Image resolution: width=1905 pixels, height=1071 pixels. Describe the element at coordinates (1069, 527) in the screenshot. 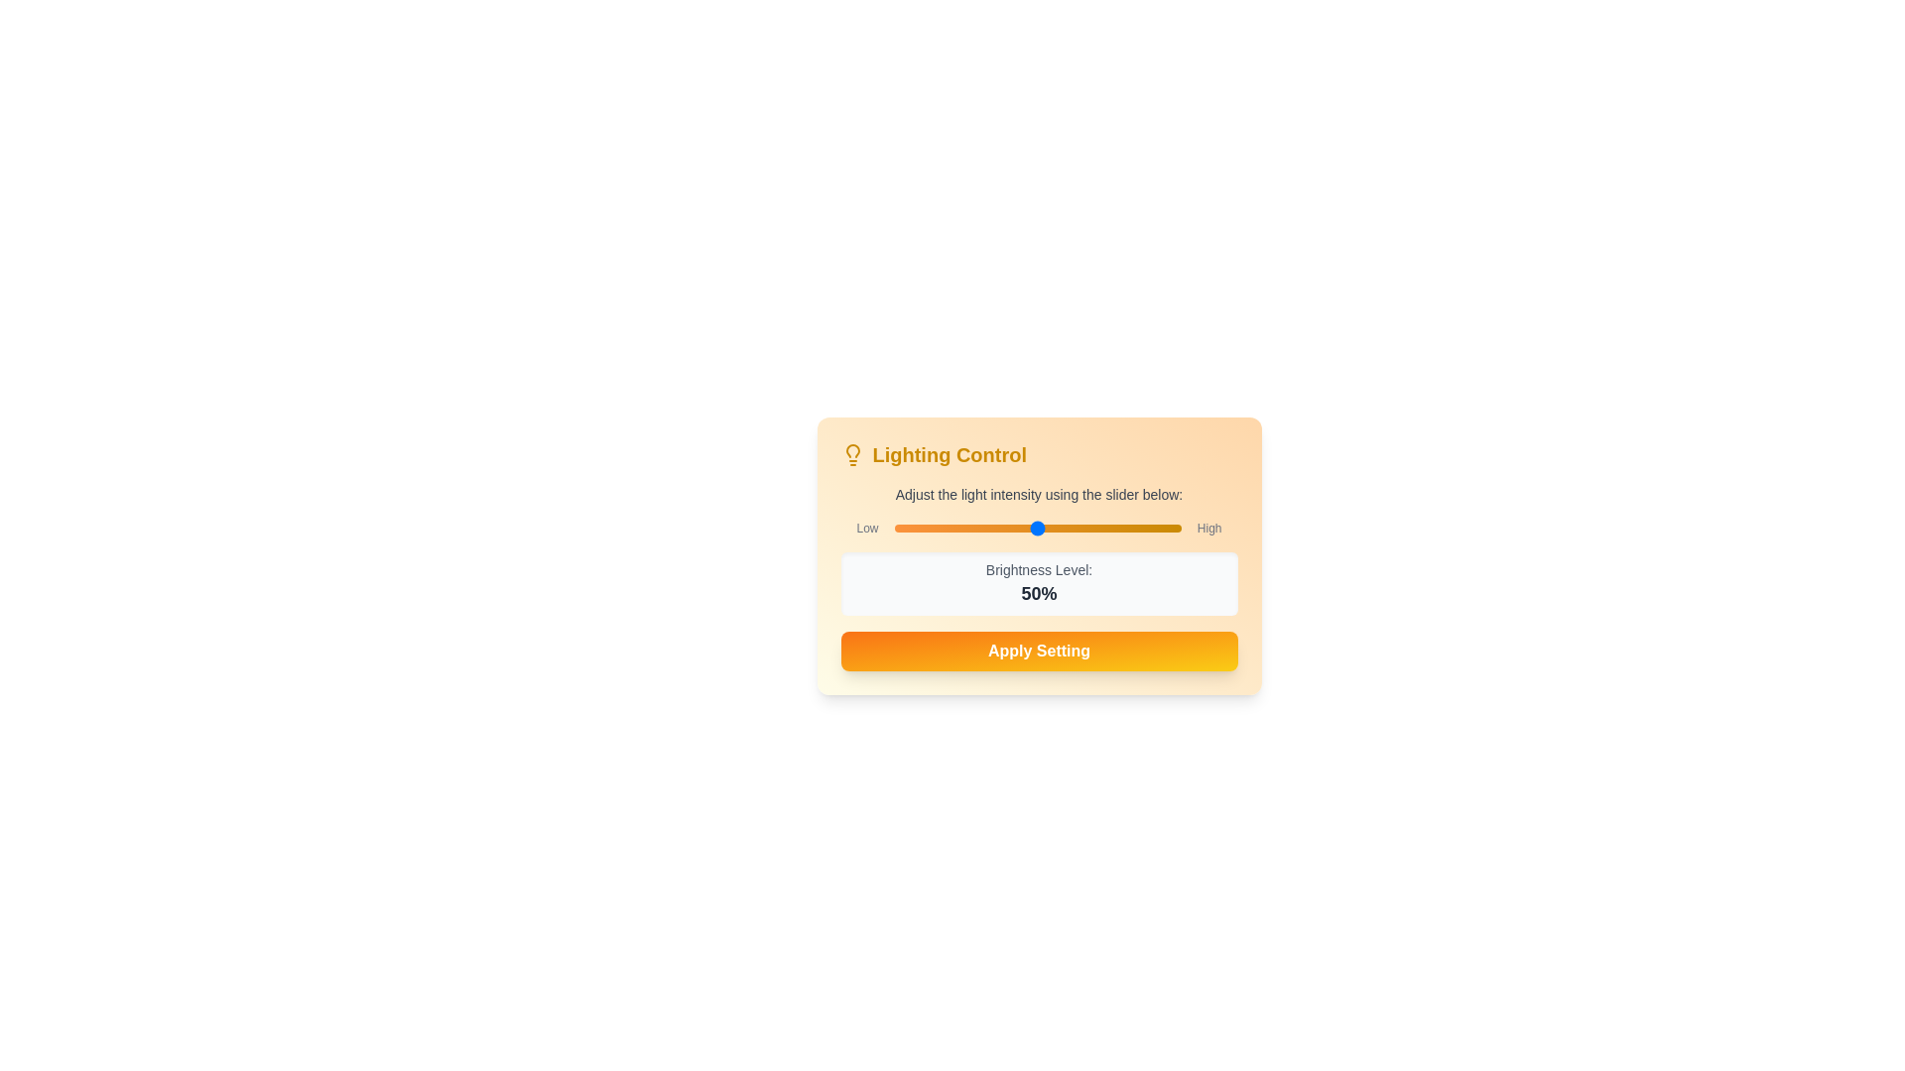

I see `the slider` at that location.